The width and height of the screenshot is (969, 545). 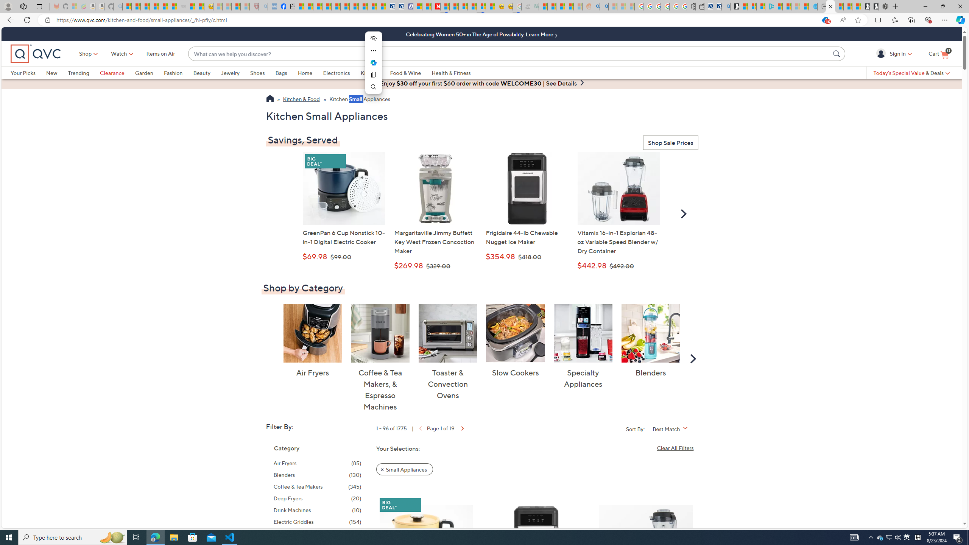 What do you see at coordinates (373, 39) in the screenshot?
I see `'Hide menu'` at bounding box center [373, 39].